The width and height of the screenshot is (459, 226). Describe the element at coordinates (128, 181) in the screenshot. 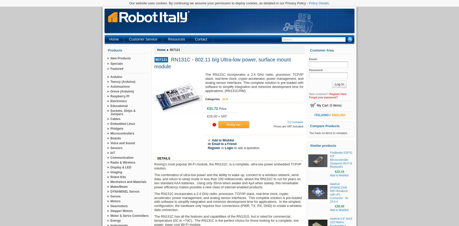

I see `'Mechanics and Materials'` at that location.